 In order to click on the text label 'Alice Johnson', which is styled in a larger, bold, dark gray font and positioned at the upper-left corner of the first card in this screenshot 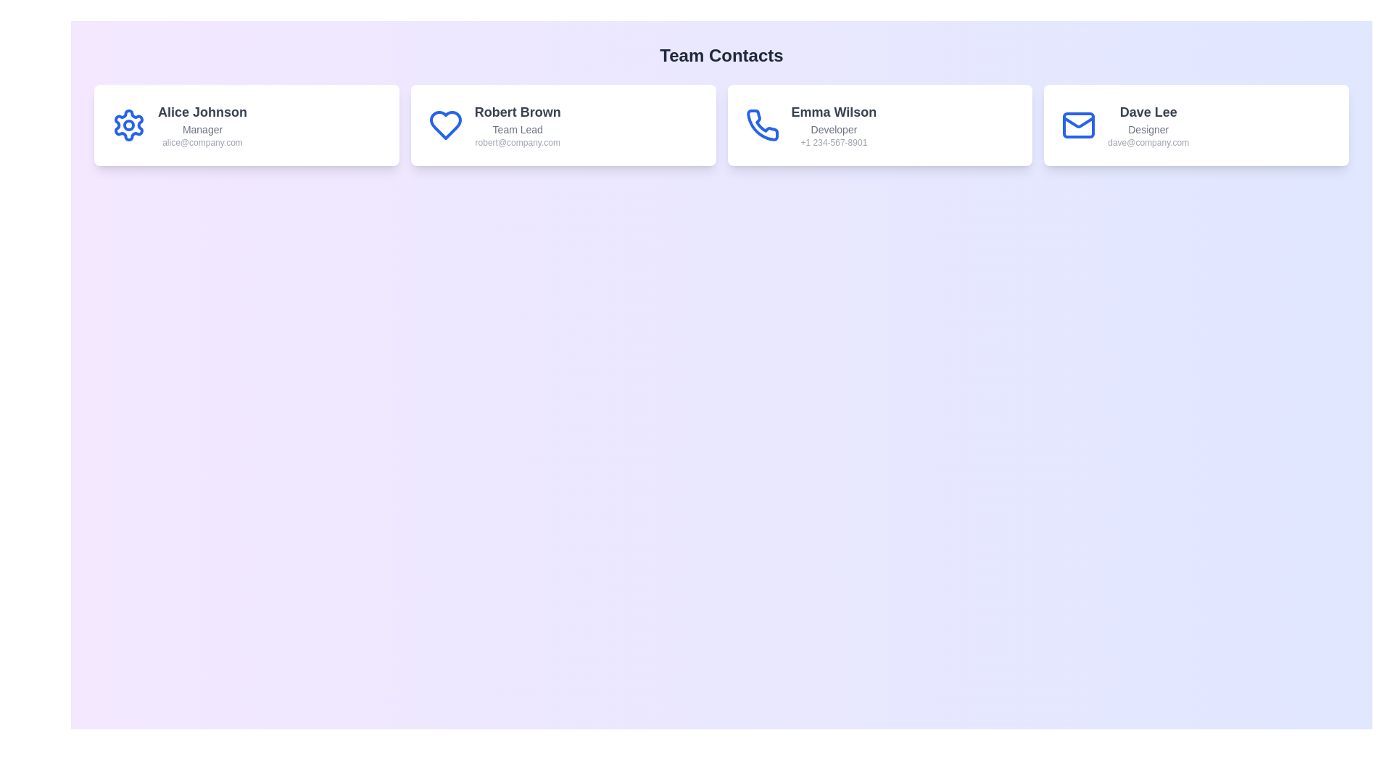, I will do `click(202, 111)`.